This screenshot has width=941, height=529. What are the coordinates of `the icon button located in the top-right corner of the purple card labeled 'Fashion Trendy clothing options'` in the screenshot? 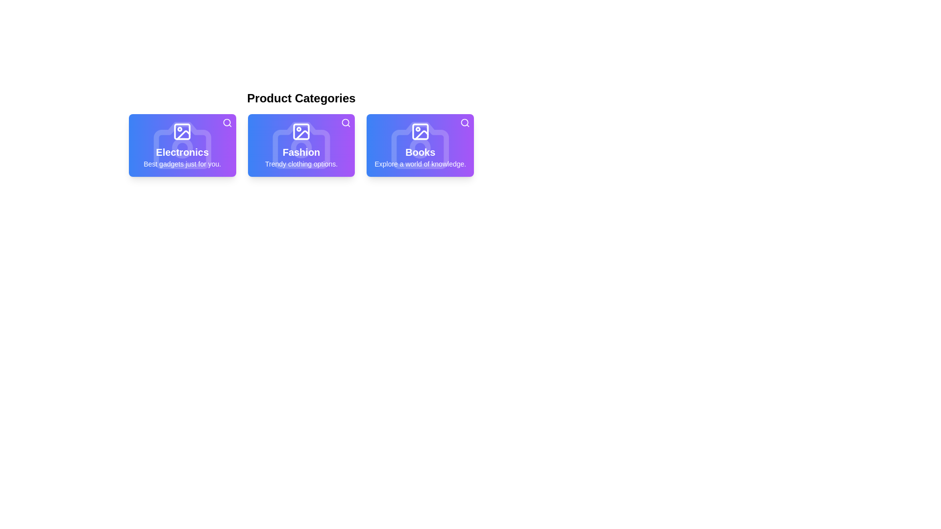 It's located at (346, 122).